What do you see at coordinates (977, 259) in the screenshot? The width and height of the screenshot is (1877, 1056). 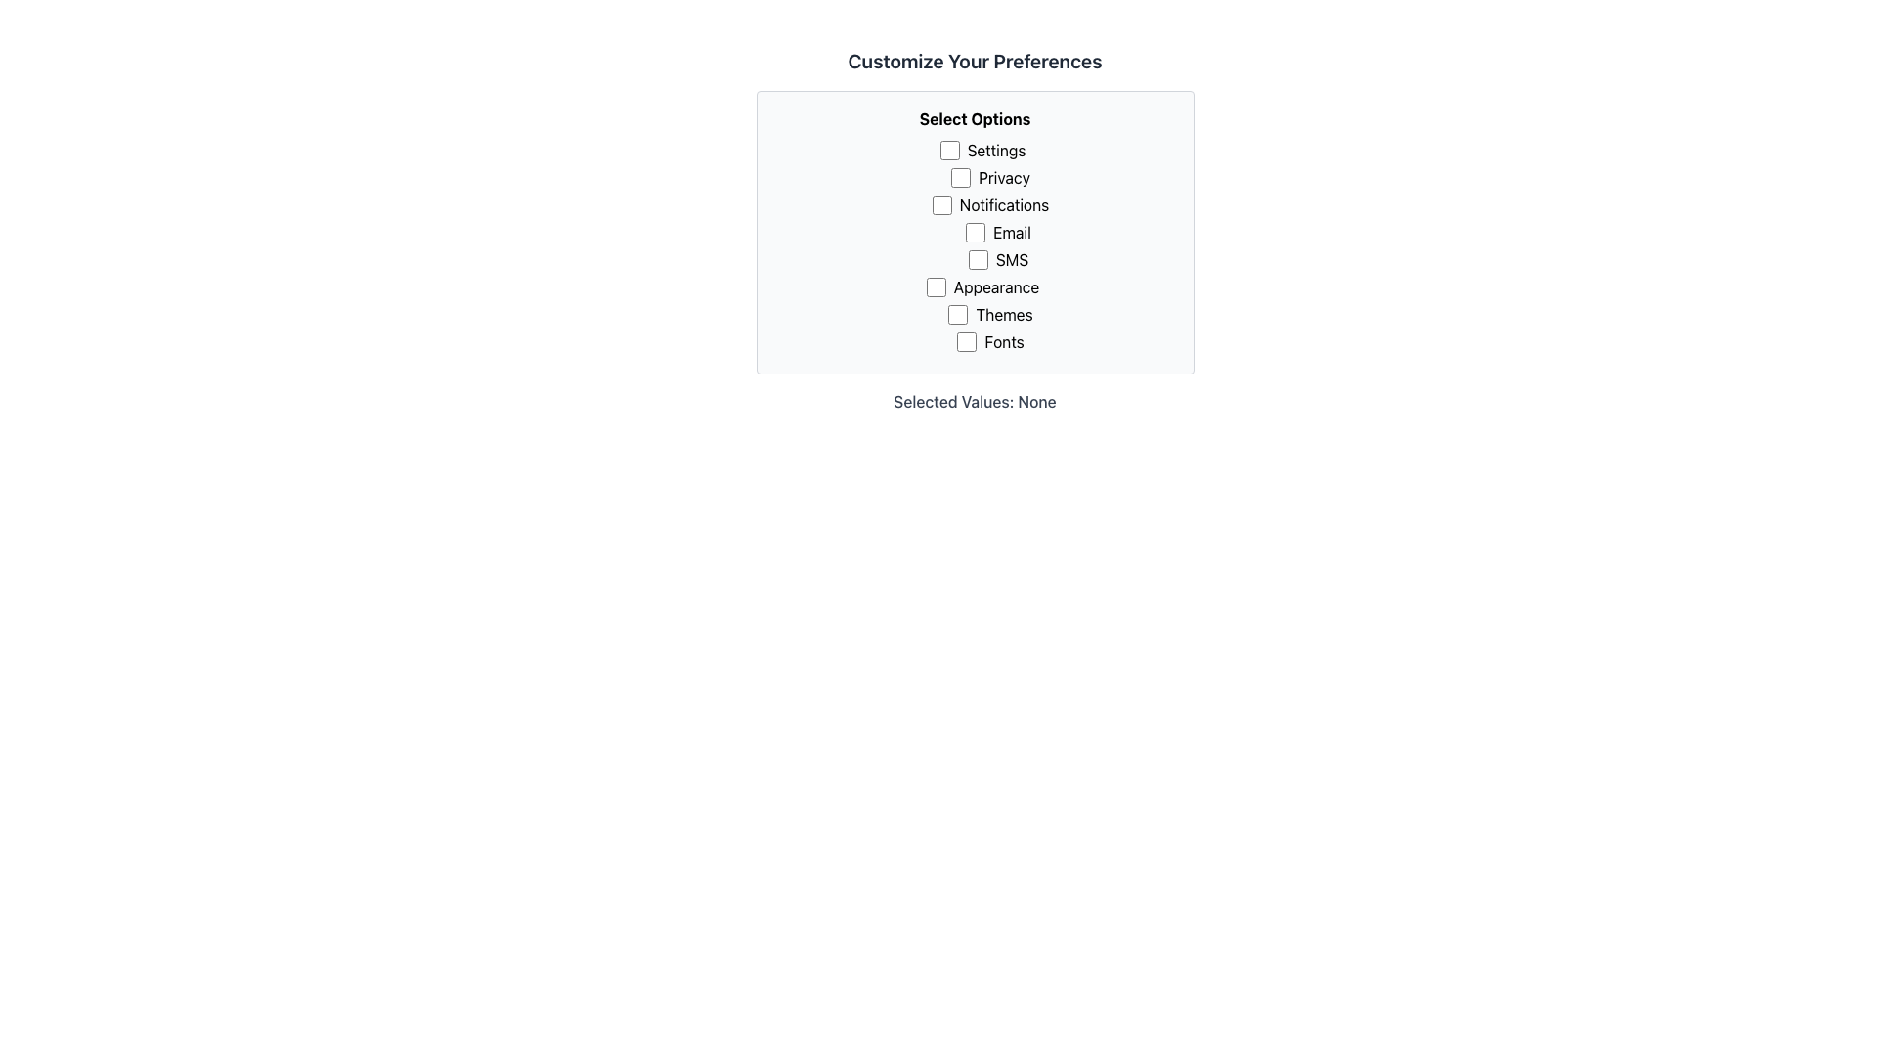 I see `the blue-themed checkbox next to the text 'SMS' under the 'Notifications' category in the 'Customize Your Preferences' form` at bounding box center [977, 259].